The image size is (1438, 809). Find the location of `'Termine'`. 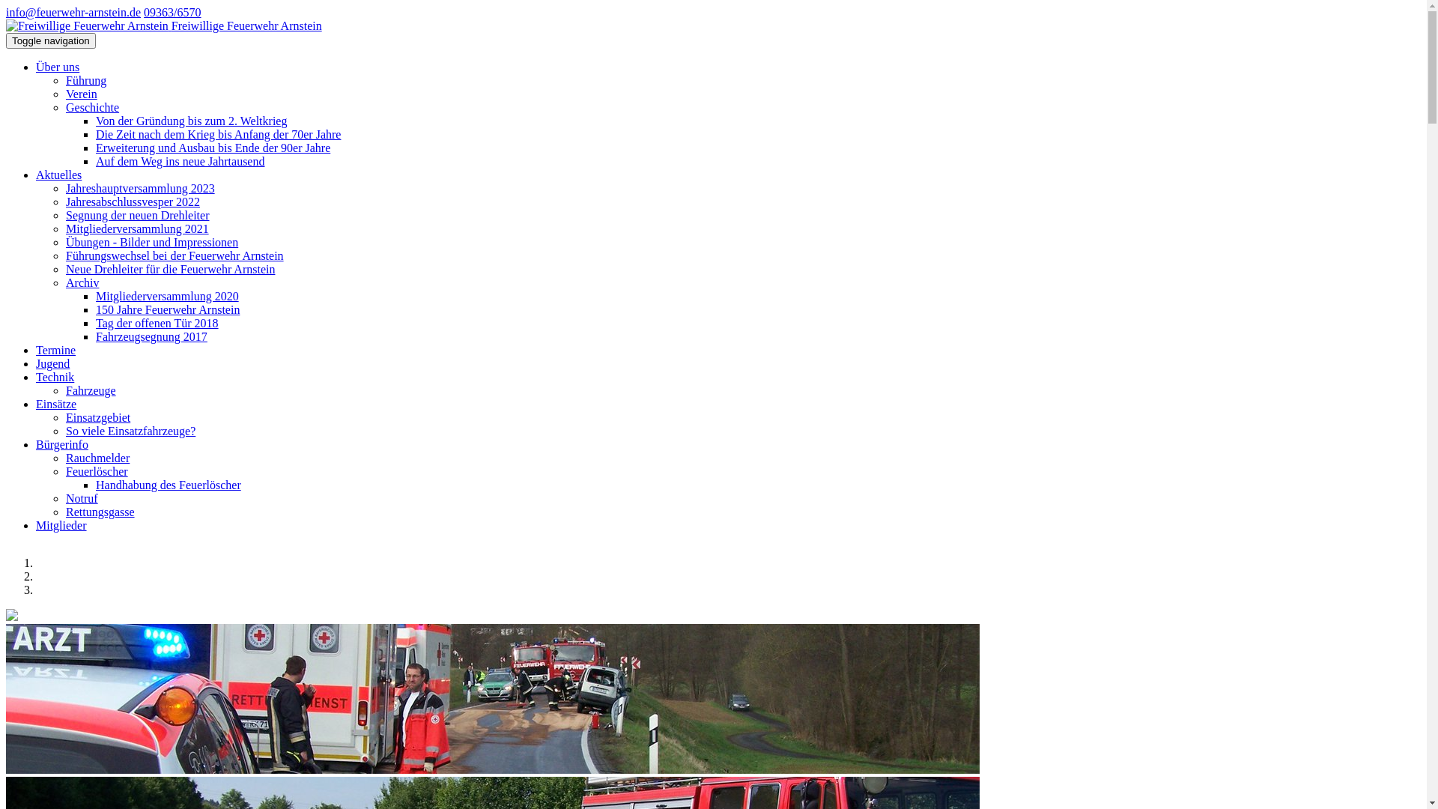

'Termine' is located at coordinates (55, 350).